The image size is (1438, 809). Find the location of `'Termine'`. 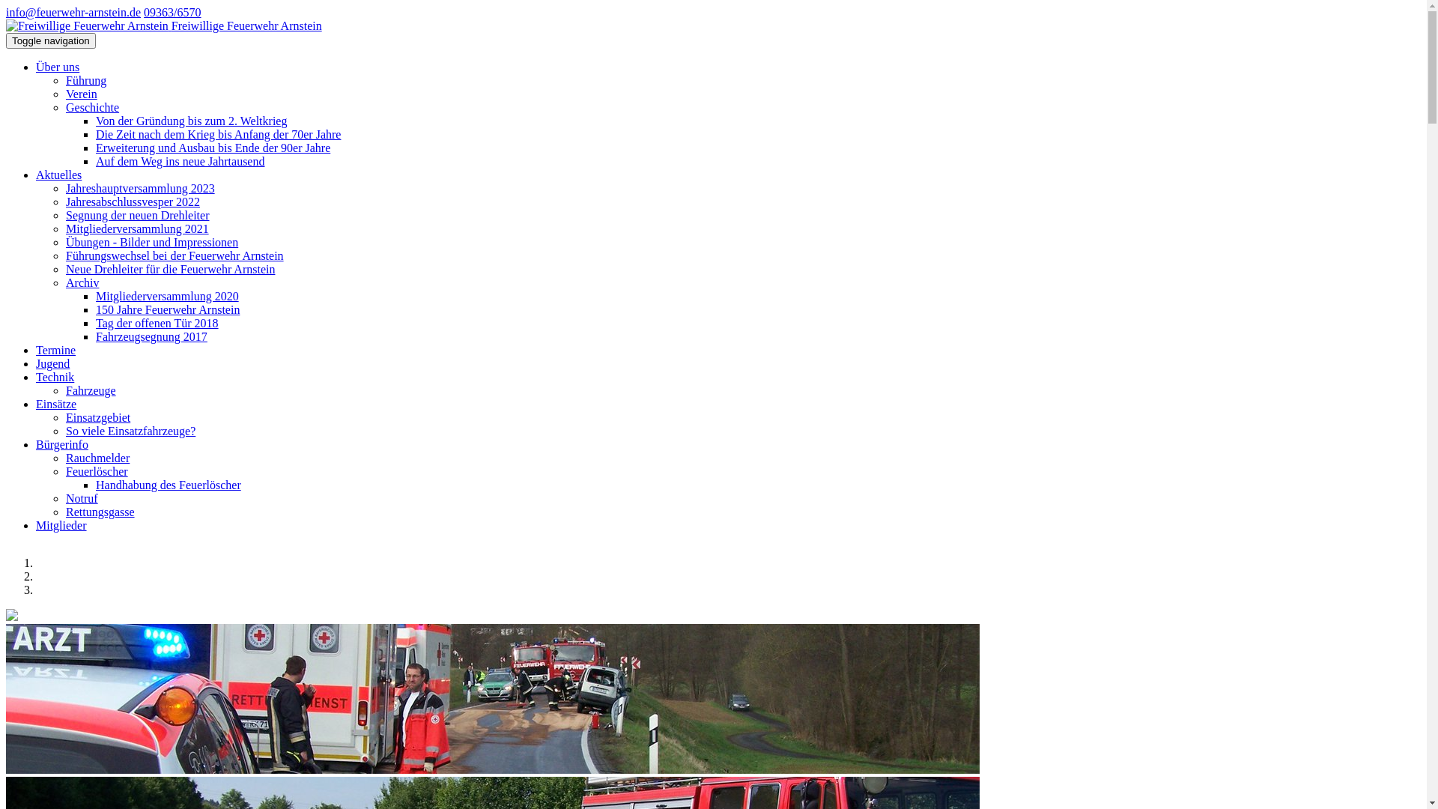

'Termine' is located at coordinates (55, 350).